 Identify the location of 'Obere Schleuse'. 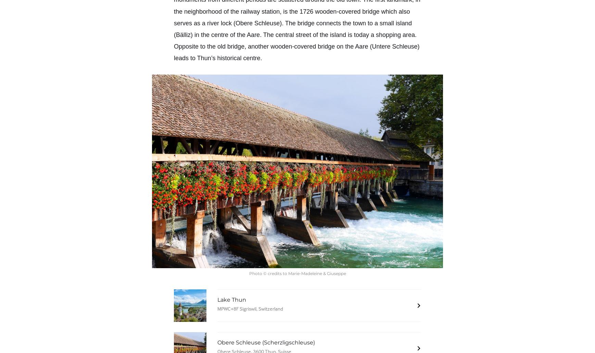
(257, 23).